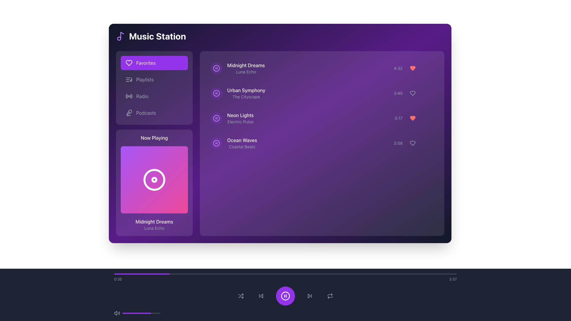 Image resolution: width=571 pixels, height=321 pixels. Describe the element at coordinates (412, 93) in the screenshot. I see `the heart icon button next to the song 'Urban Symphony' to favorite or unfavorite the item` at that location.